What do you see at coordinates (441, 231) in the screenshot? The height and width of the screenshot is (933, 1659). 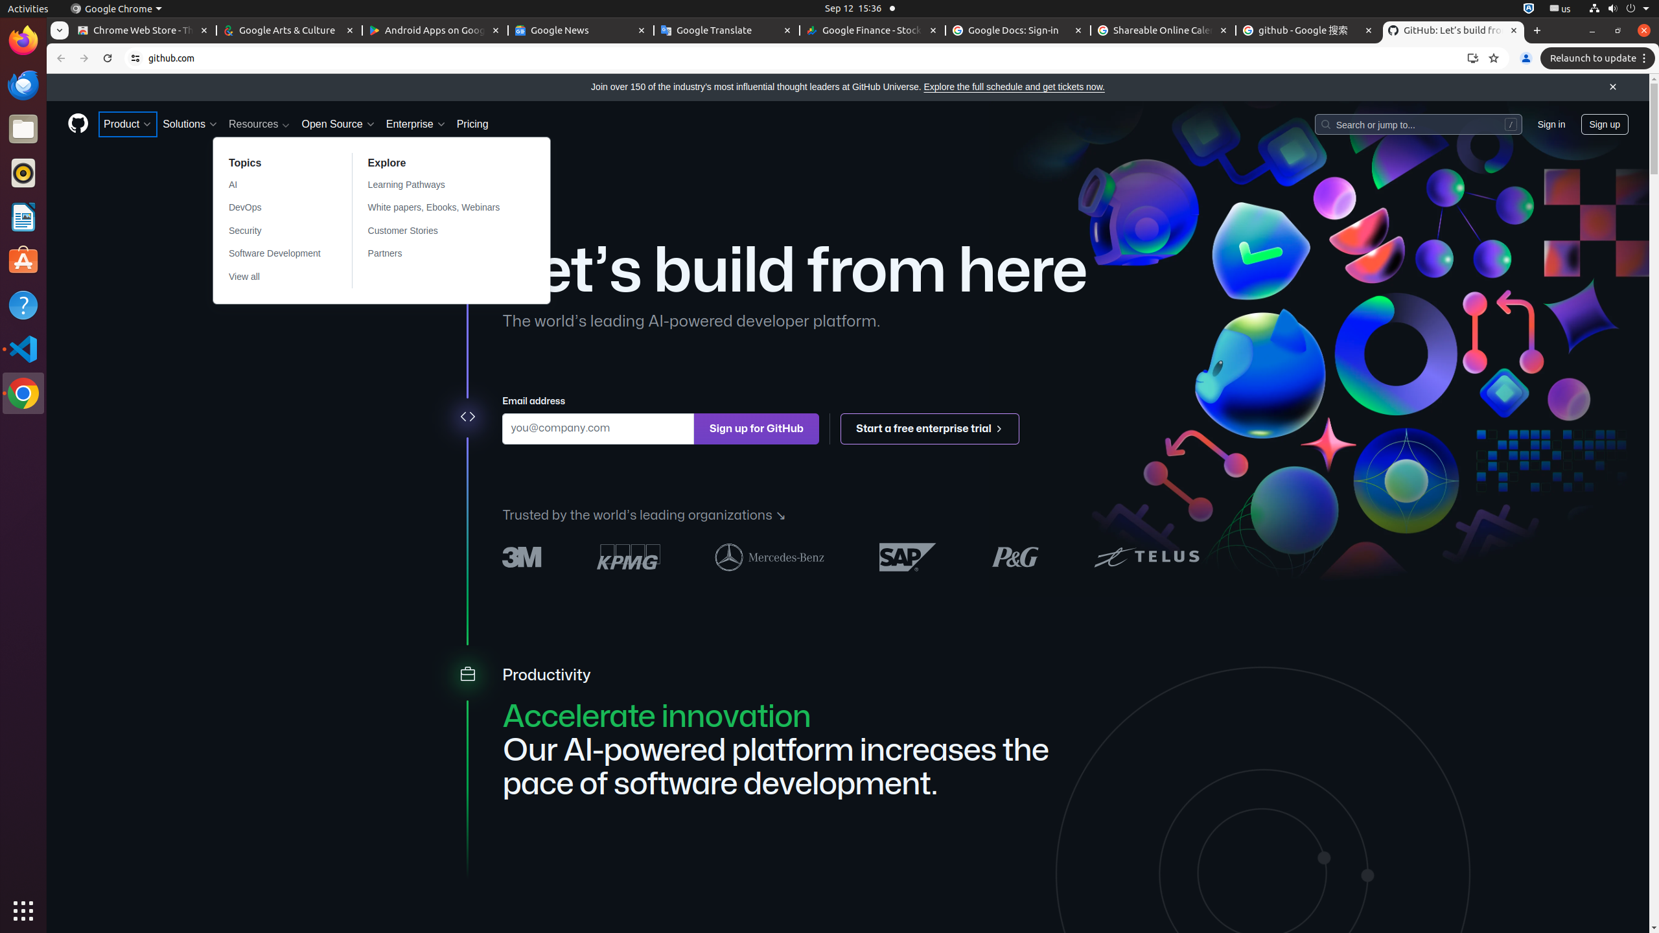 I see `'Customer Stories'` at bounding box center [441, 231].